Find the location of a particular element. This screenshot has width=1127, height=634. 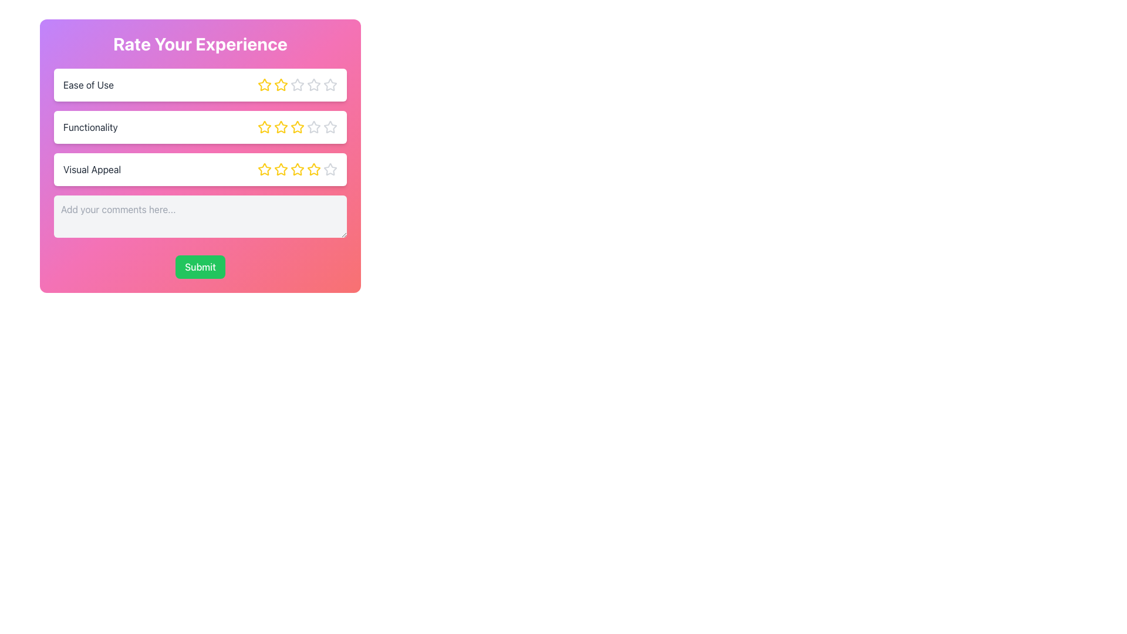

the fourth star icon in the 'Visual Appeal' row of the rating form to set the rating level is located at coordinates (313, 169).